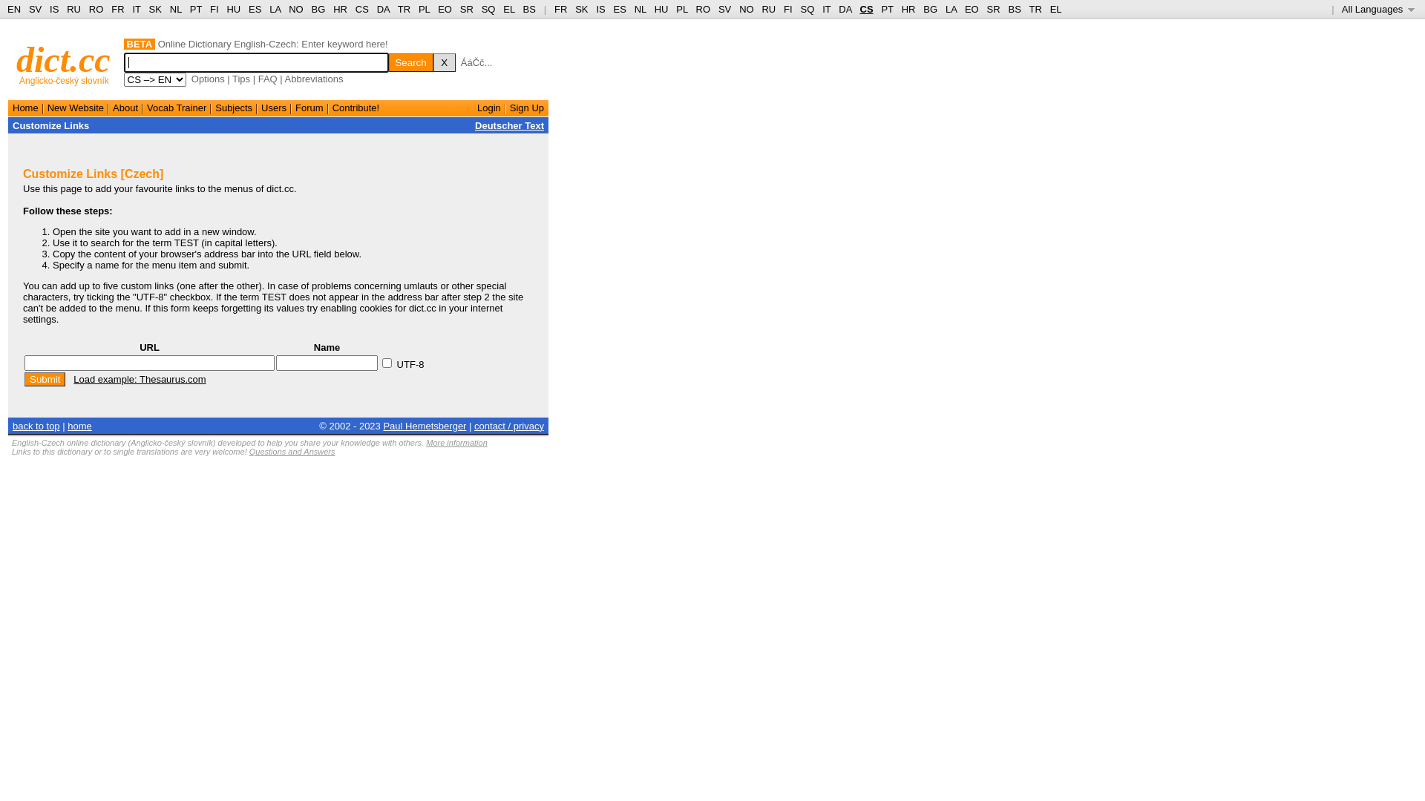 This screenshot has height=801, width=1425. What do you see at coordinates (488, 9) in the screenshot?
I see `'SQ'` at bounding box center [488, 9].